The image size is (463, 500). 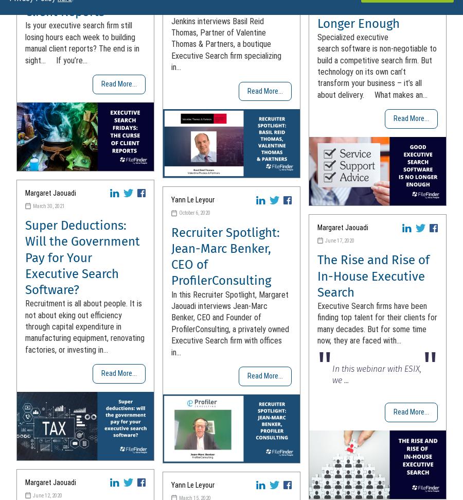 What do you see at coordinates (82, 42) in the screenshot?
I see `'Is your executive search firm still losing hours each week to building manual client reports? The end is in sight…     If you’re...'` at bounding box center [82, 42].